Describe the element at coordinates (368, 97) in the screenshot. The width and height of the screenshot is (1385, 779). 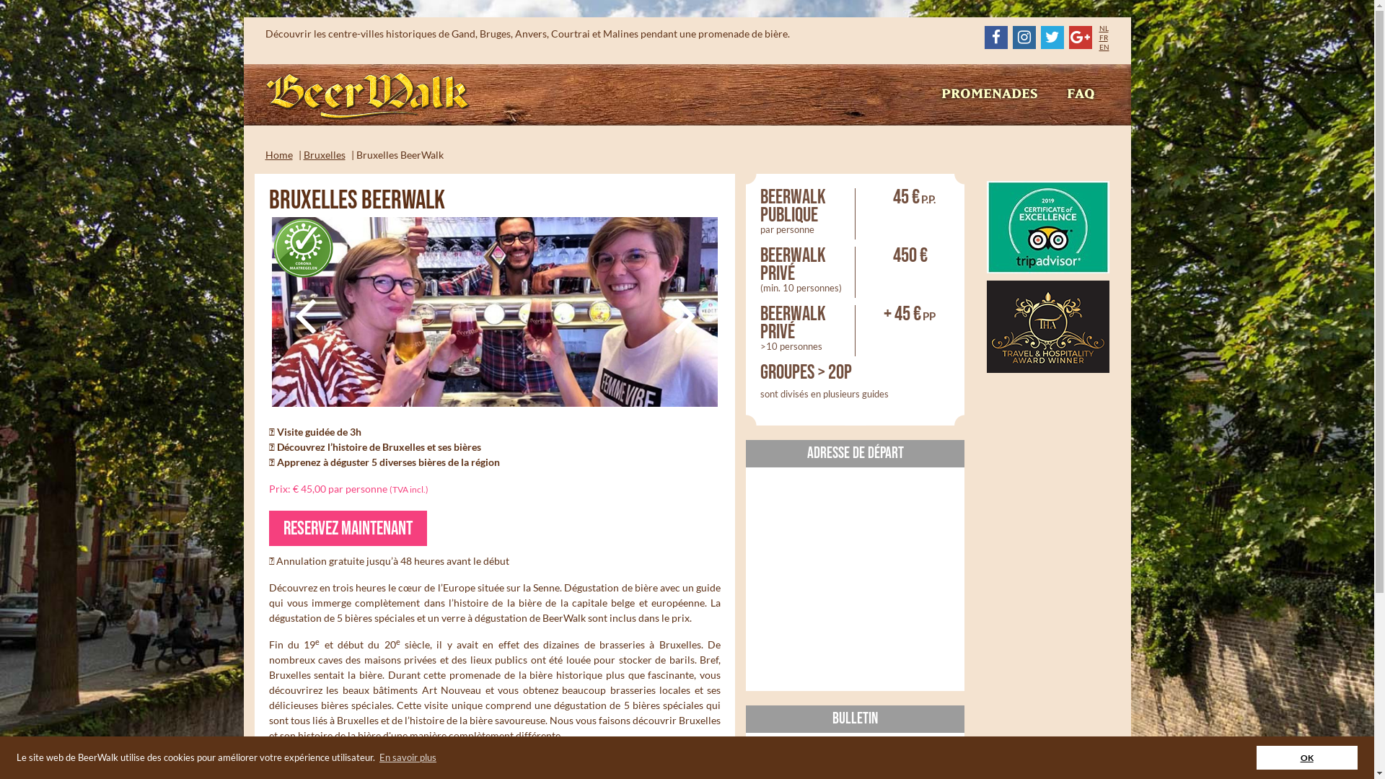
I see `'BeerWalk - Historische stadswandelingen'` at that location.